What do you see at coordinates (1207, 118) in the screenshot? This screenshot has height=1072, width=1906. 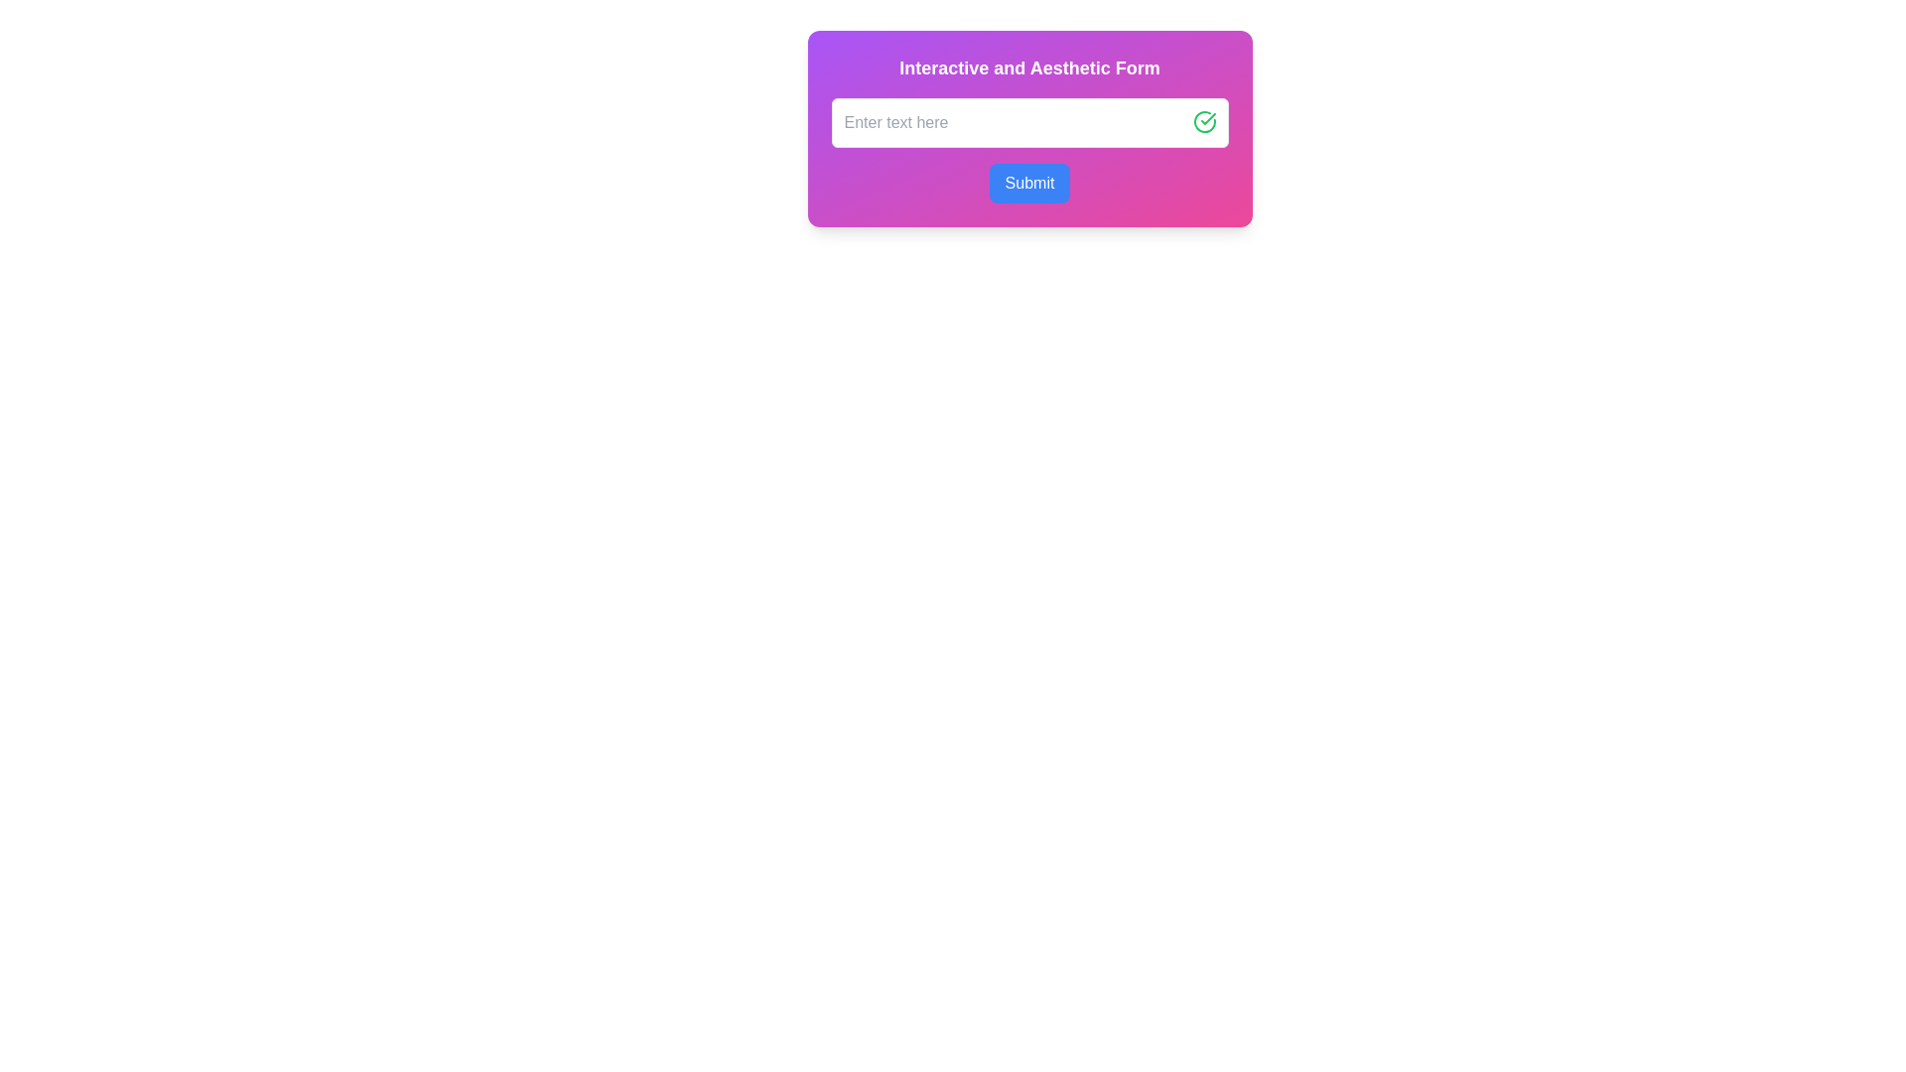 I see `the success icon located in the upper-right side of the text input box, which indicates a completed or verified state` at bounding box center [1207, 118].